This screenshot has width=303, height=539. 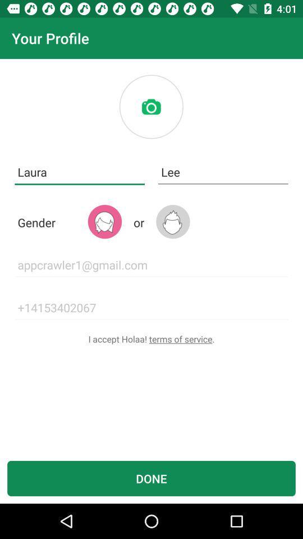 I want to click on item next to or icon, so click(x=173, y=221).